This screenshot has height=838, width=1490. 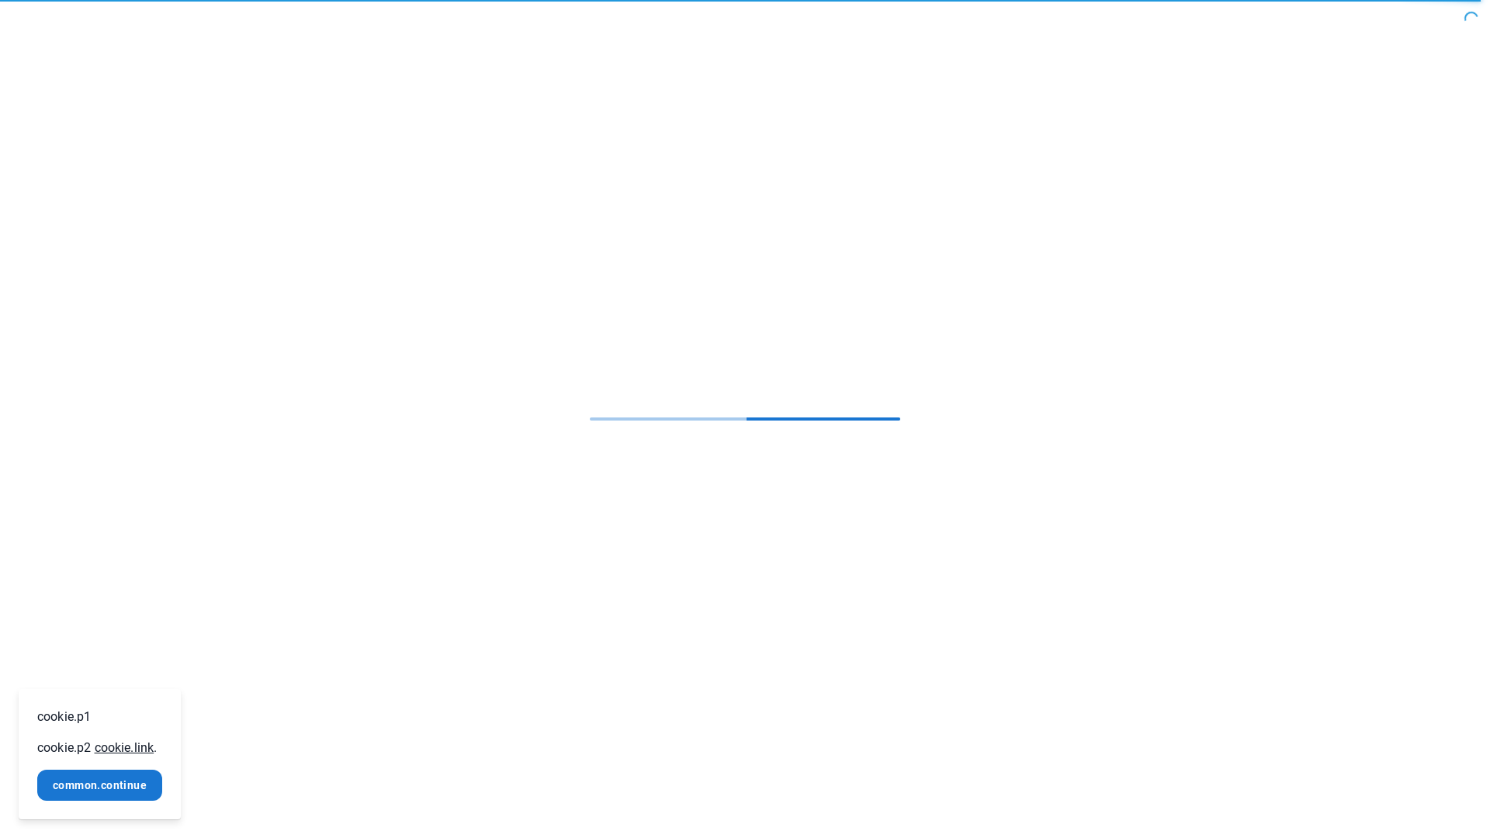 I want to click on 'common.continue', so click(x=99, y=785).